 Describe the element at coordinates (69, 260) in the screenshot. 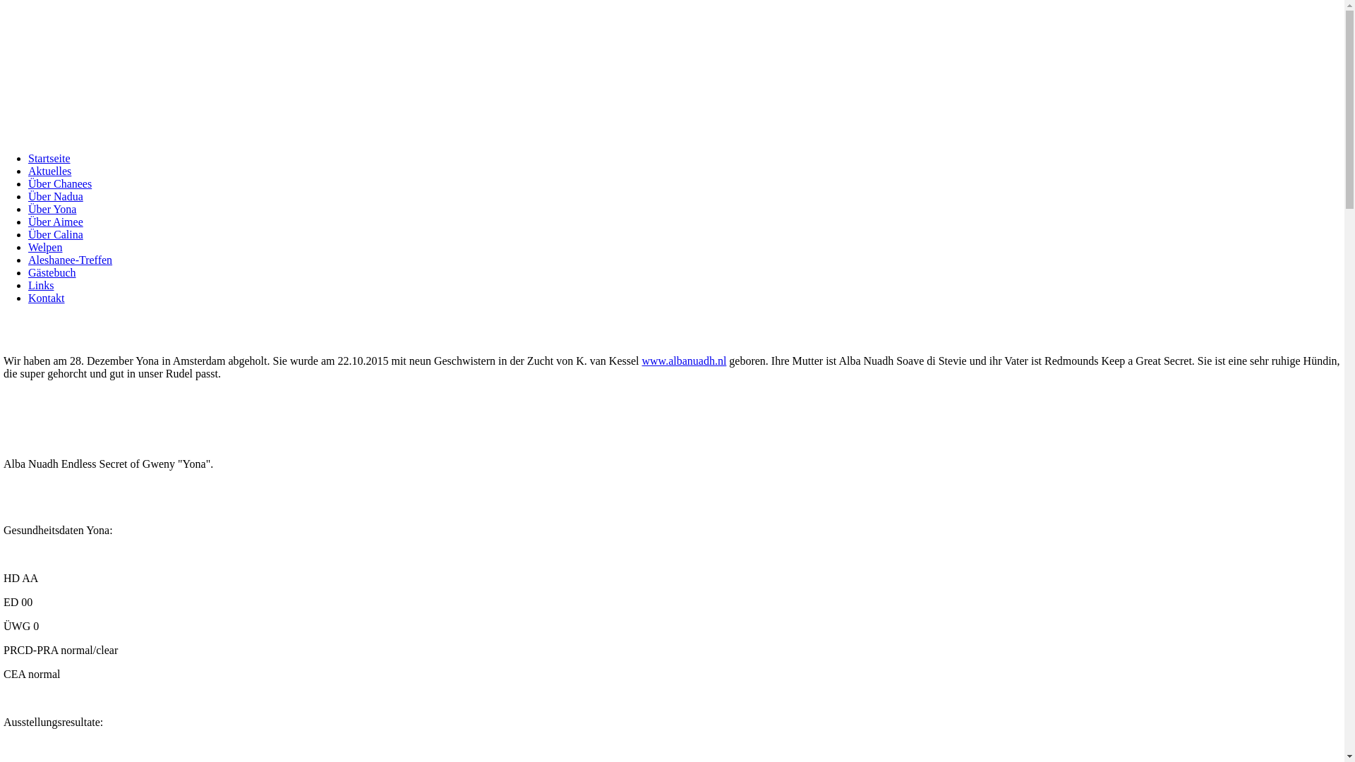

I see `'Aleshanee-Treffen'` at that location.